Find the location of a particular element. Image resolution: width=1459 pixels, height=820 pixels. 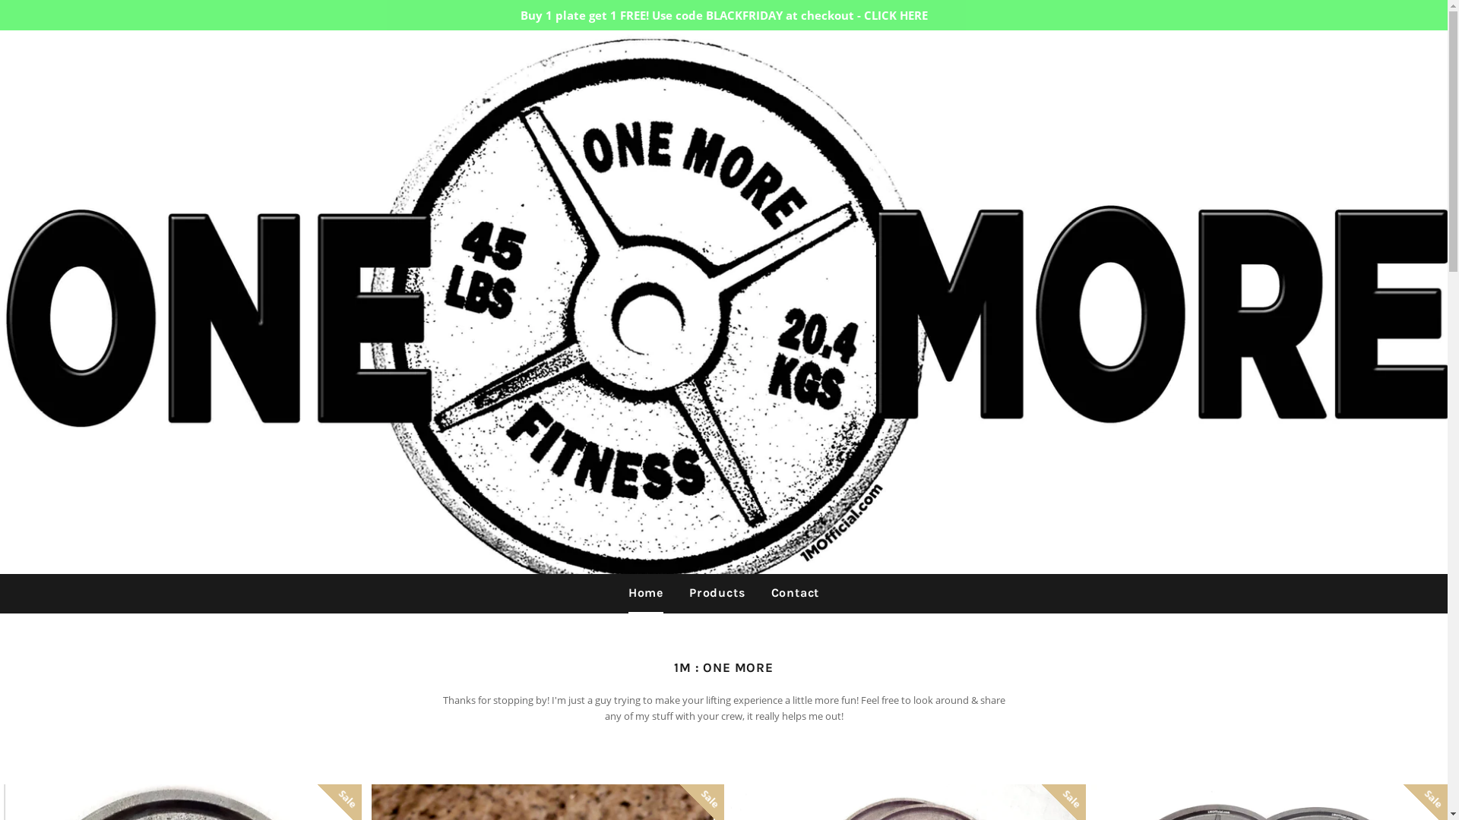

'Menu' is located at coordinates (24, 55).